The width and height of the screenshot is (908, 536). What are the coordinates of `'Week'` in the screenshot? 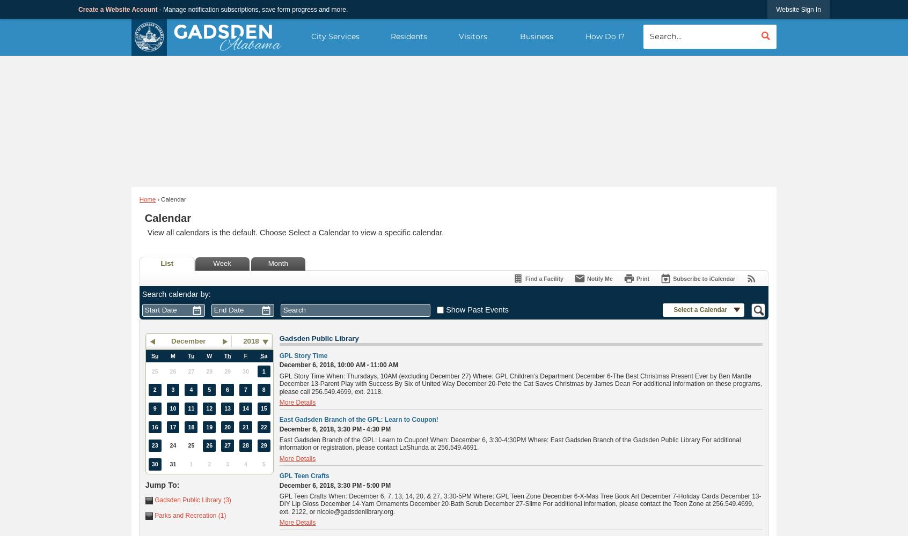 It's located at (222, 262).